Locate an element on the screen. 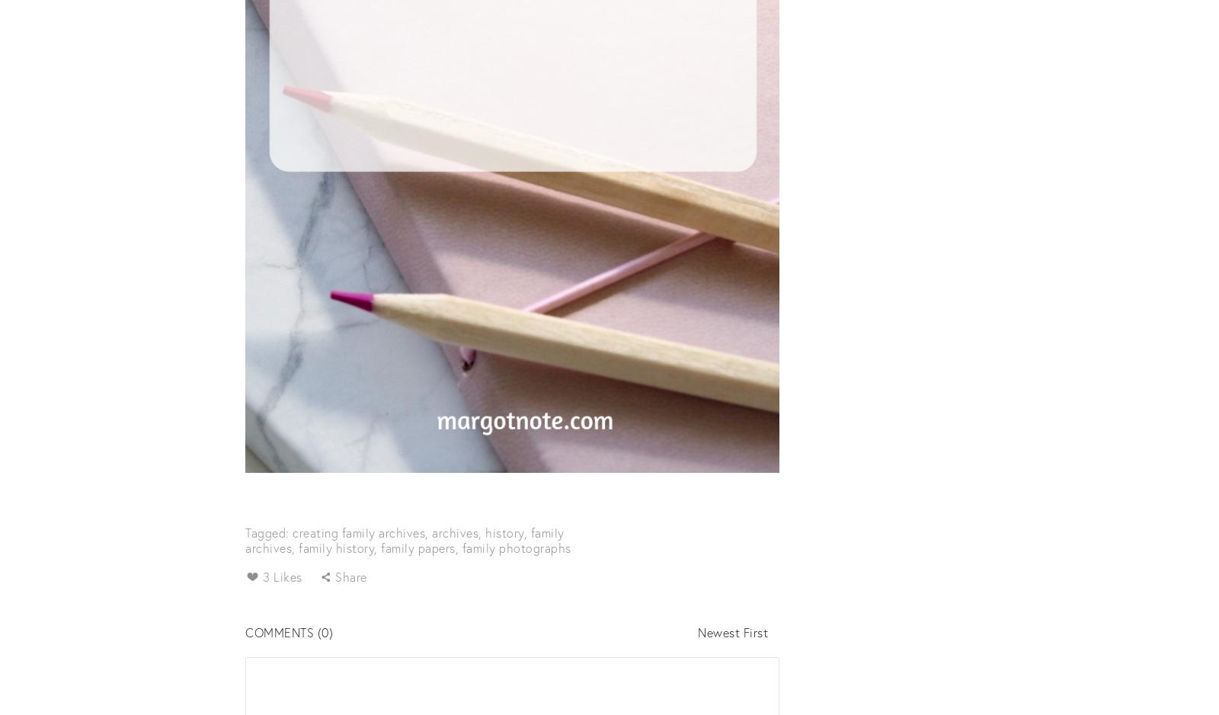 This screenshot has height=715, width=1219. 'history' is located at coordinates (504, 531).